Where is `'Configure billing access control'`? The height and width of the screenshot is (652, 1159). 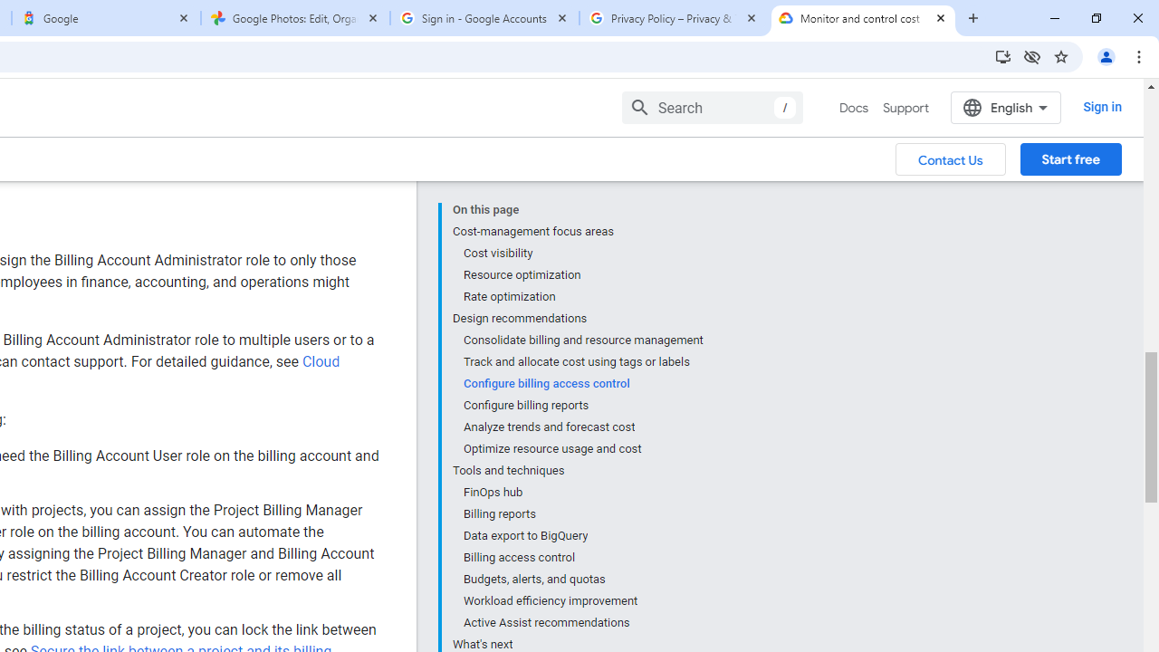 'Configure billing access control' is located at coordinates (582, 383).